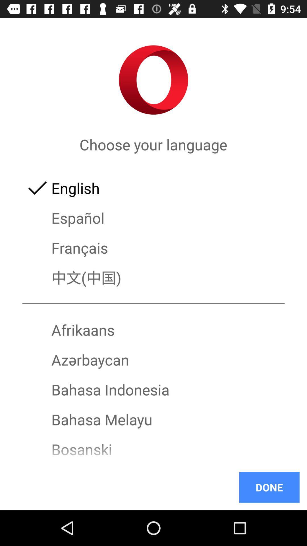 The height and width of the screenshot is (546, 307). Describe the element at coordinates (153, 419) in the screenshot. I see `item below the bahasa indonesia icon` at that location.